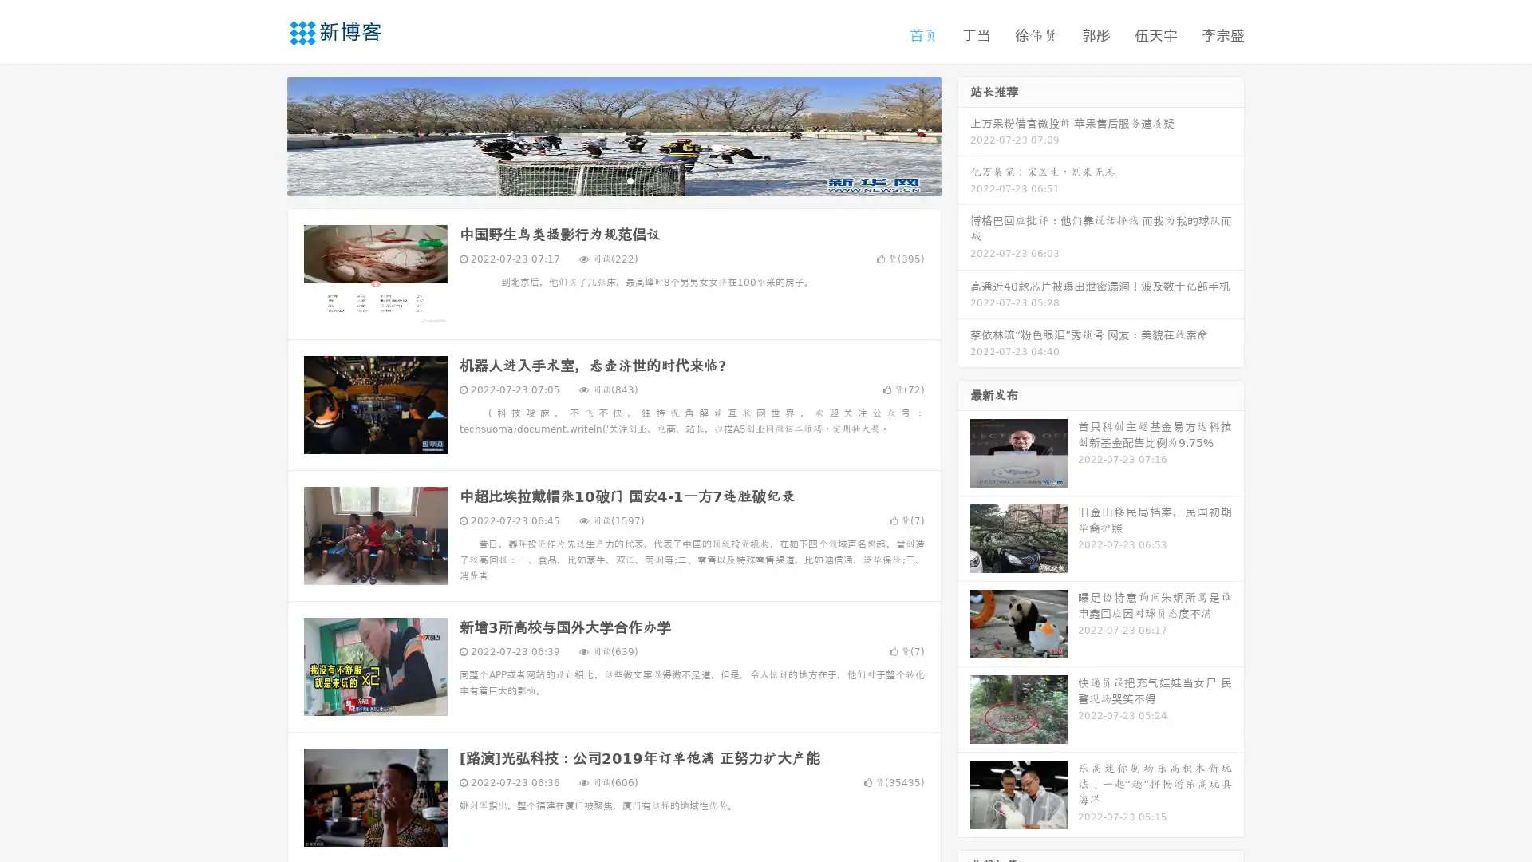  What do you see at coordinates (613, 180) in the screenshot?
I see `Go to slide 2` at bounding box center [613, 180].